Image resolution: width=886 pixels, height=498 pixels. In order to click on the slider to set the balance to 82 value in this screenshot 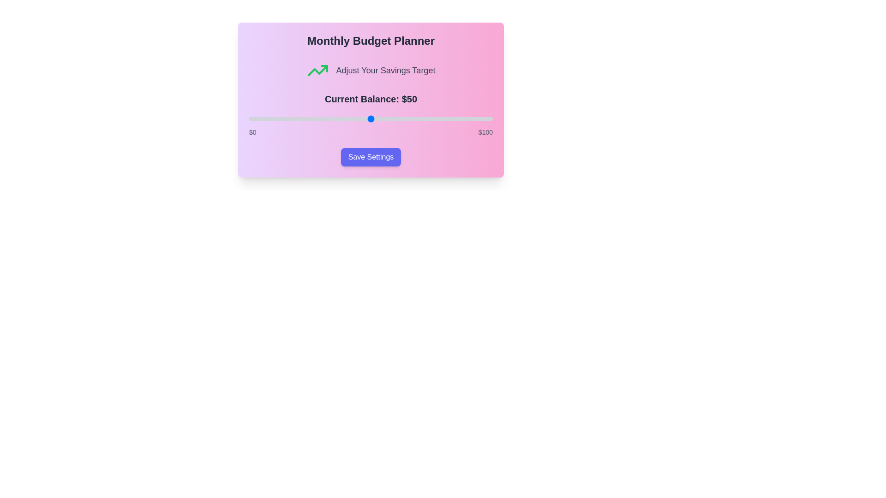, I will do `click(449, 119)`.